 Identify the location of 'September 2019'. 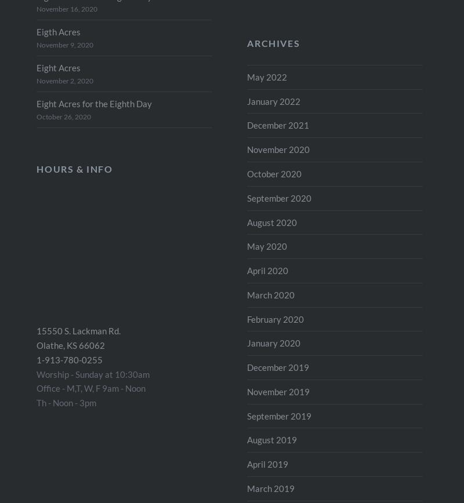
(279, 415).